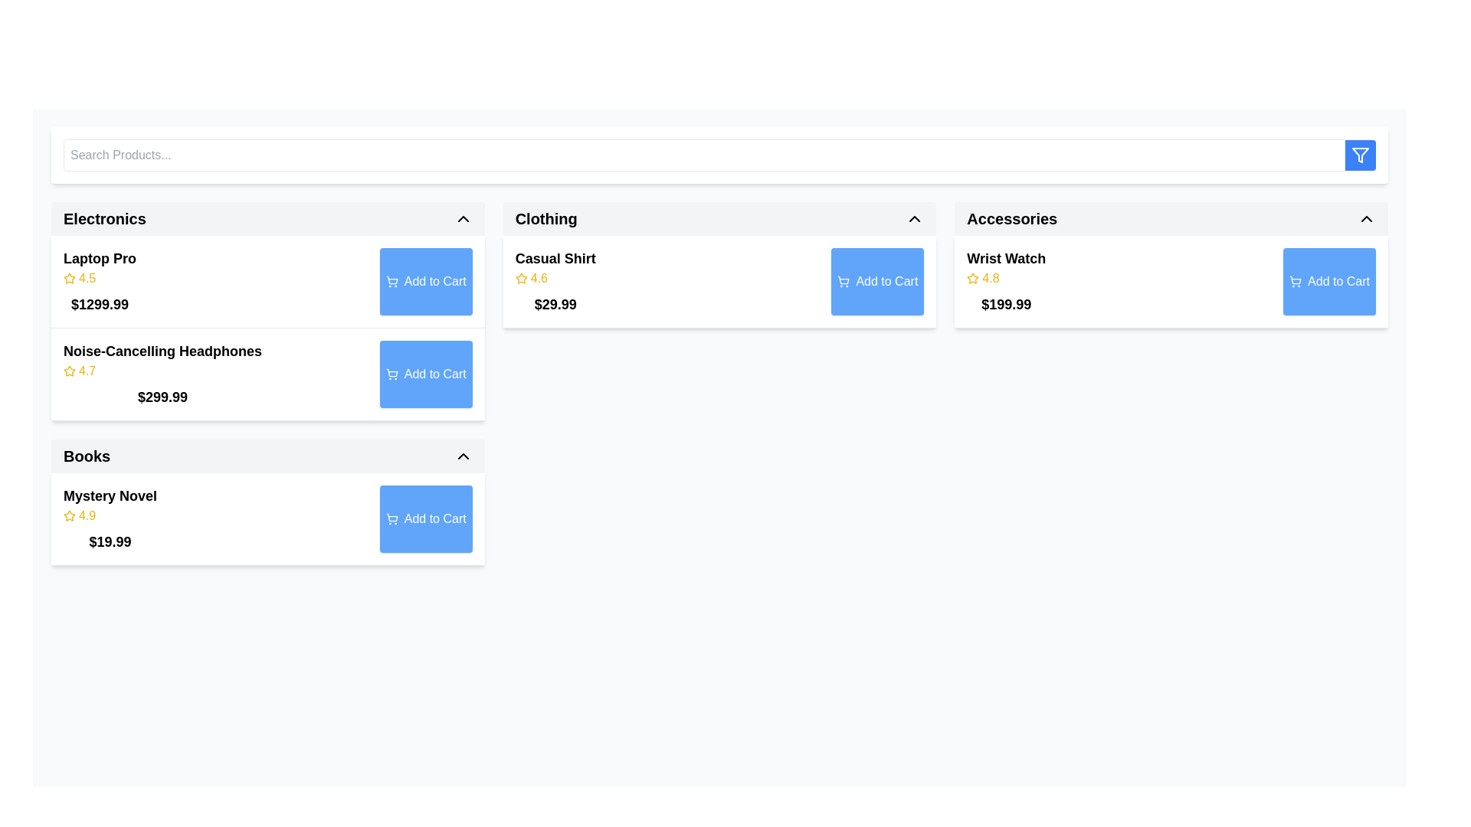  What do you see at coordinates (87, 371) in the screenshot?
I see `the text label displaying the rating value '4.7' in yellow color, located in the 'Noise-Cancelling Headphones' section under 'Electronics', positioned right of the star icon` at bounding box center [87, 371].